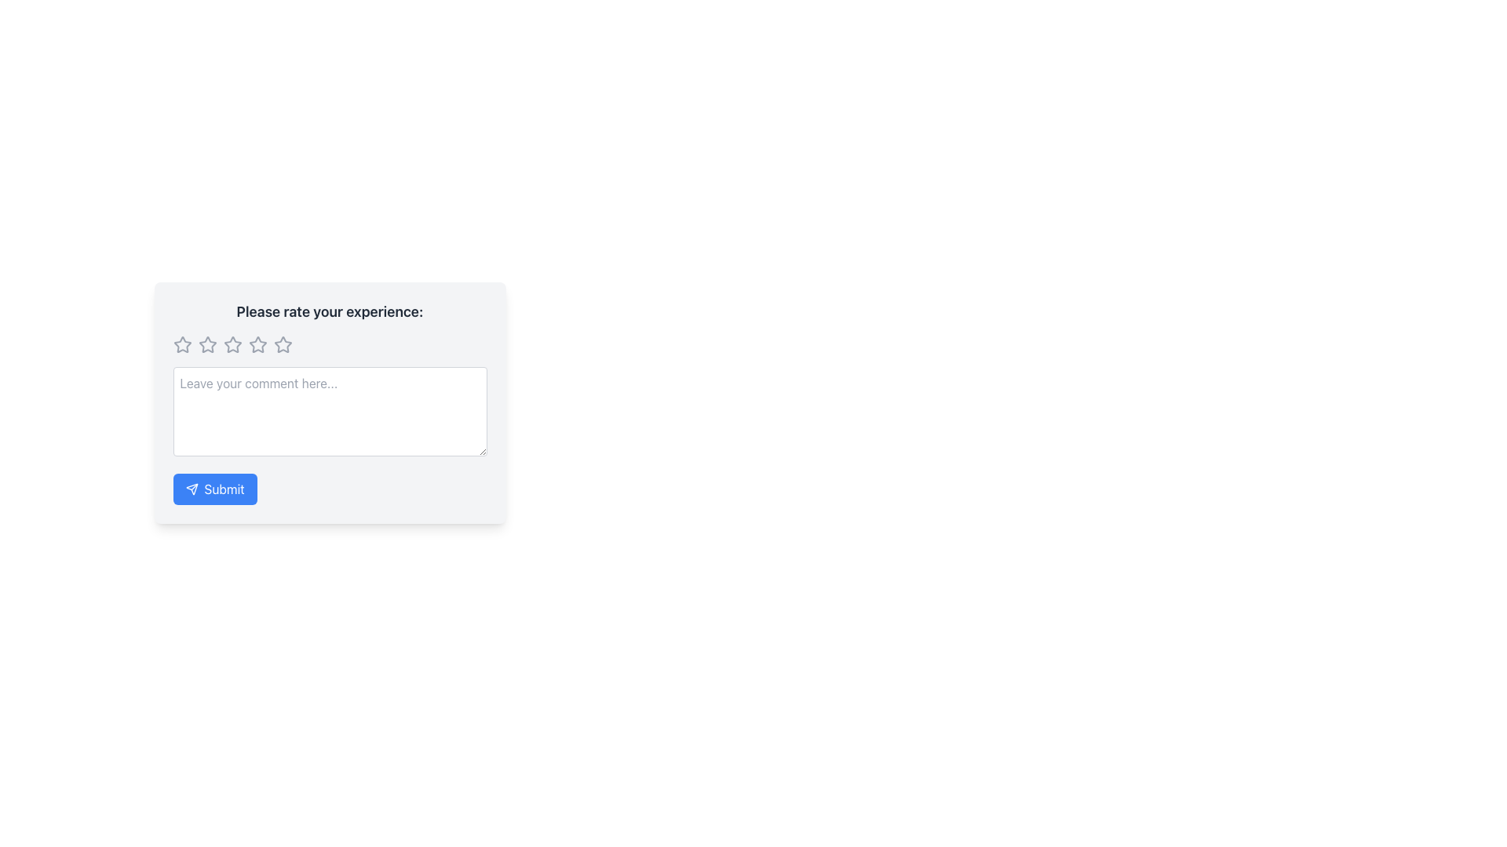  Describe the element at coordinates (257, 344) in the screenshot. I see `the fourth star icon in the rating set` at that location.